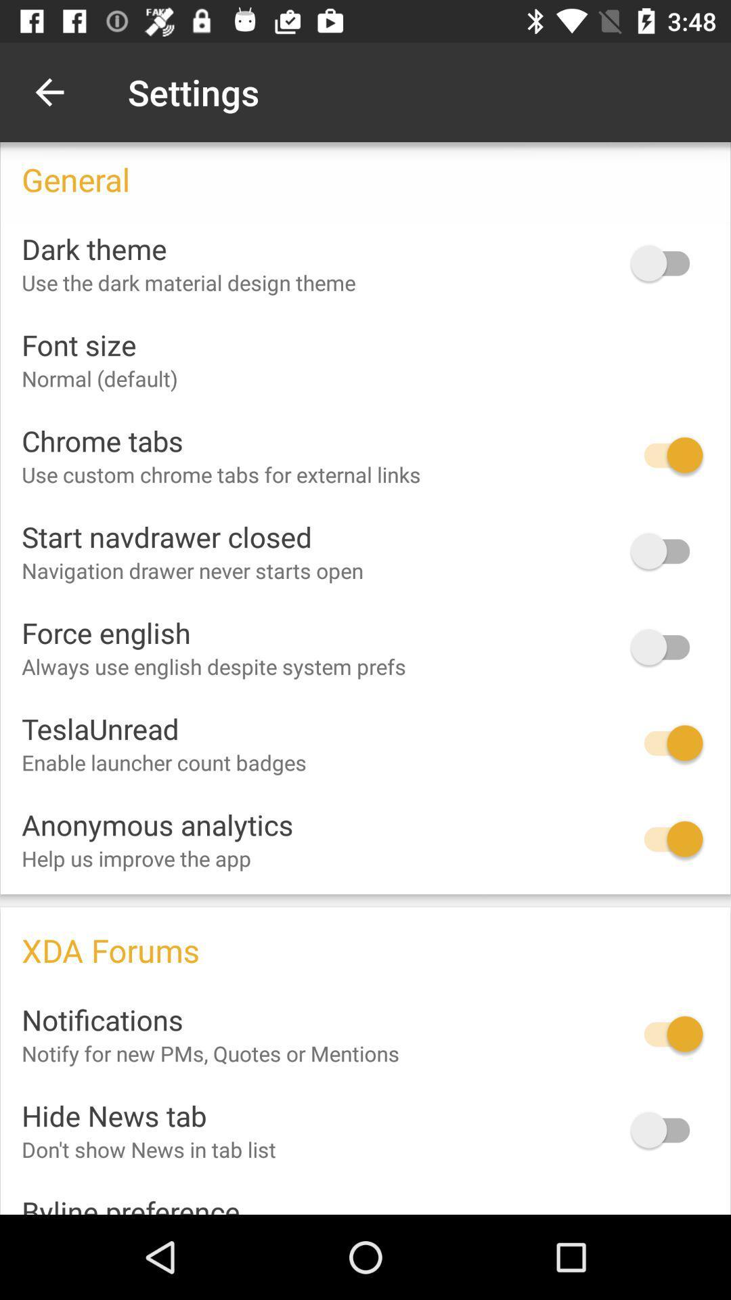 This screenshot has height=1300, width=731. What do you see at coordinates (666, 742) in the screenshot?
I see `launcher count badges option` at bounding box center [666, 742].